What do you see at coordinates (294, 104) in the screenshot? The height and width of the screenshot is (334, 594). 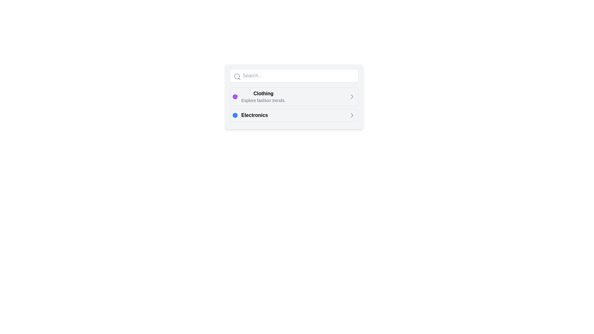 I see `the 'Clothing' button in the categorized menu` at bounding box center [294, 104].